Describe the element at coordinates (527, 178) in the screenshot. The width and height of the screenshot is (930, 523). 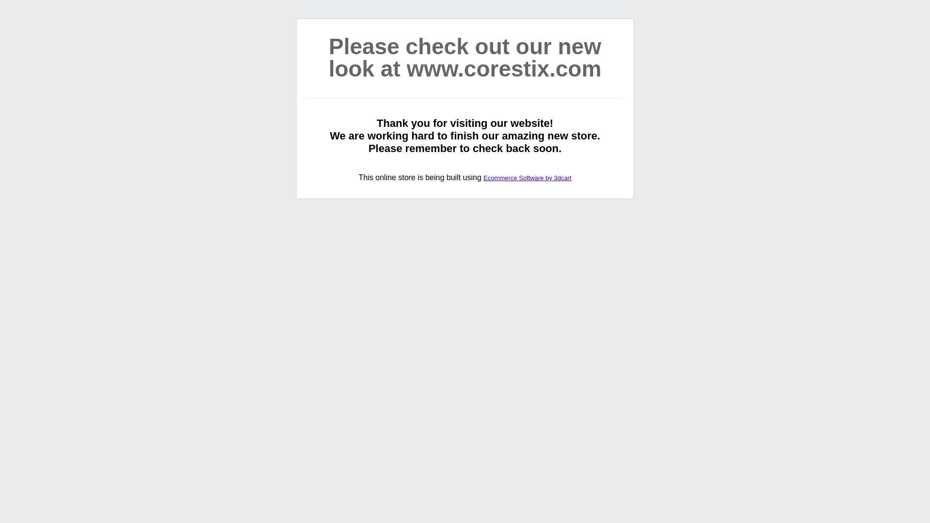
I see `'Ecommerce Software by 3dcart'` at that location.